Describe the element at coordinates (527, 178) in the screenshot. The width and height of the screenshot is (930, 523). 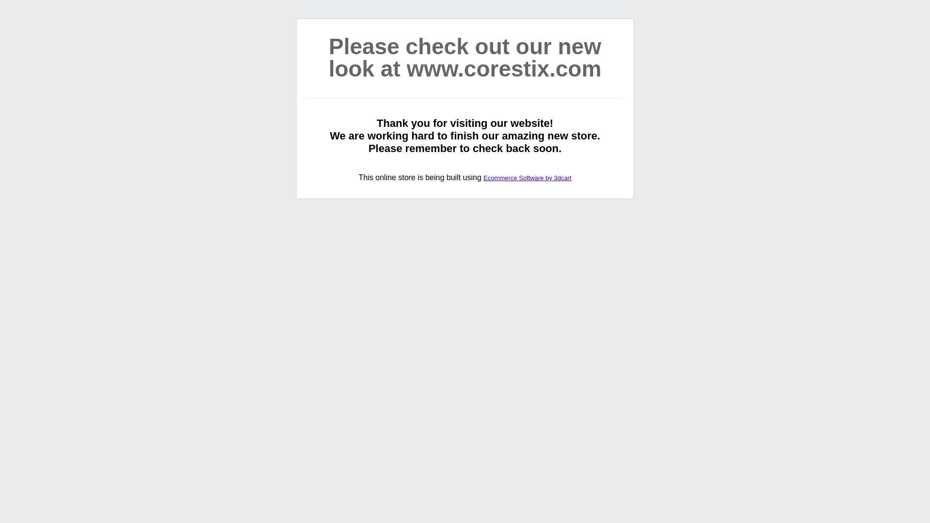
I see `'Ecommerce Software by 3dcart'` at that location.